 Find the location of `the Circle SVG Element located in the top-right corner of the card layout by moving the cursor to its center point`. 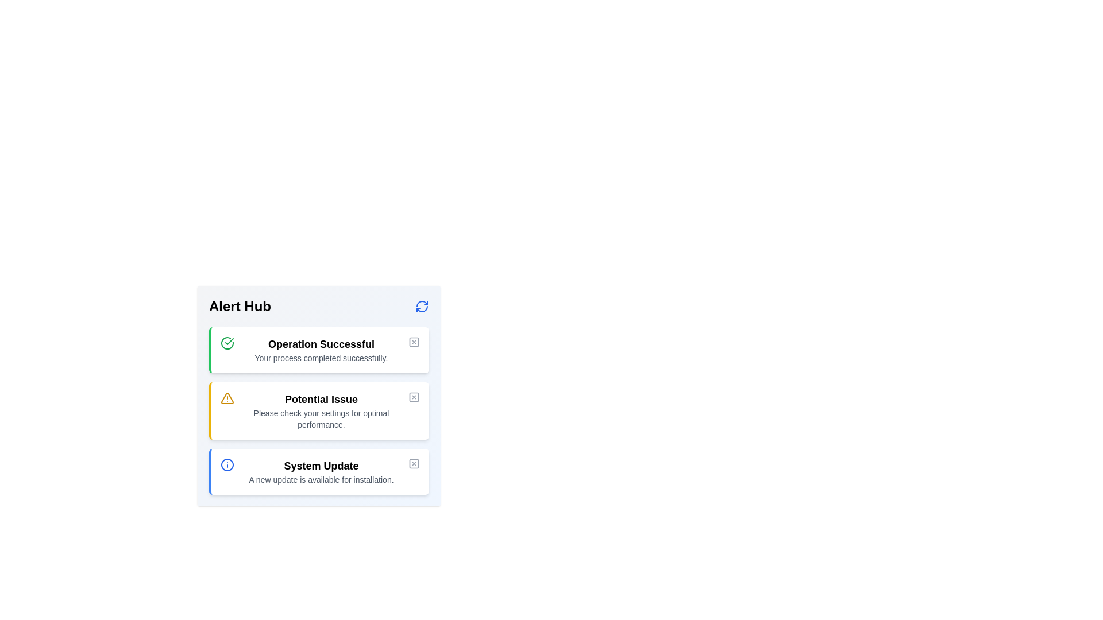

the Circle SVG Element located in the top-right corner of the card layout by moving the cursor to its center point is located at coordinates (227, 465).